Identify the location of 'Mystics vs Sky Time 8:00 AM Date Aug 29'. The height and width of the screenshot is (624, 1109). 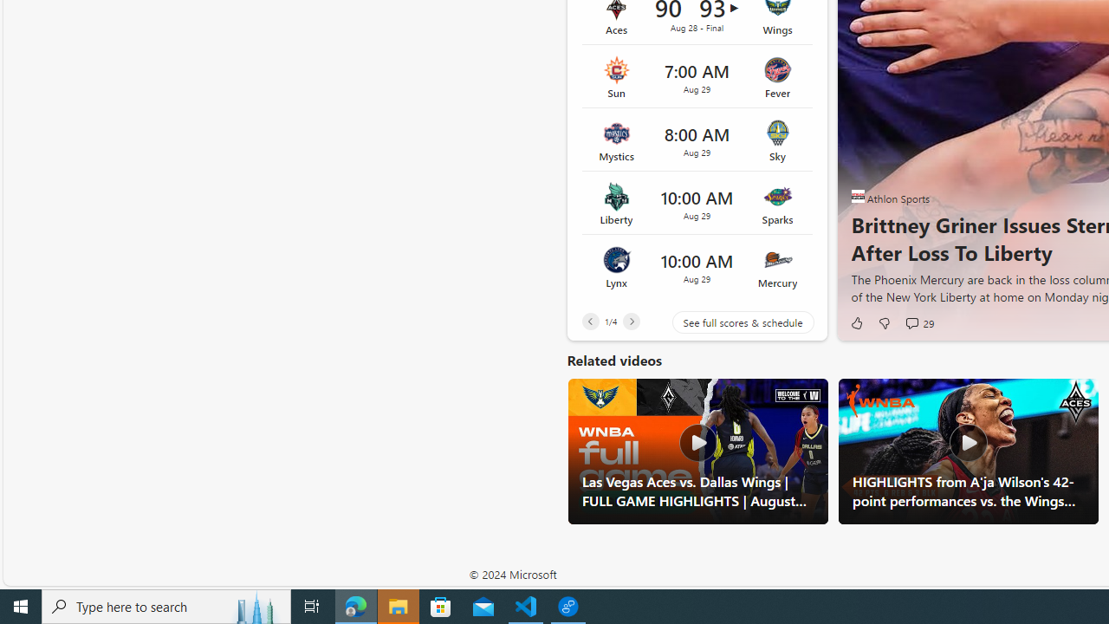
(697, 140).